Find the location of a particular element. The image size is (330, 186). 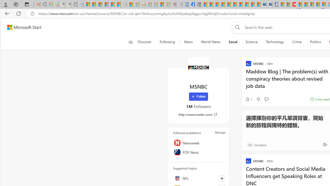

'http://www.msnbc.com/' is located at coordinates (198, 114).